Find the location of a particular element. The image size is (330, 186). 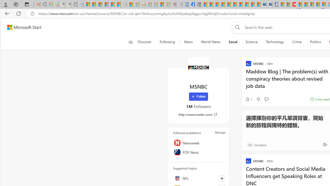

'http://www.msnbc.com/' is located at coordinates (198, 114).